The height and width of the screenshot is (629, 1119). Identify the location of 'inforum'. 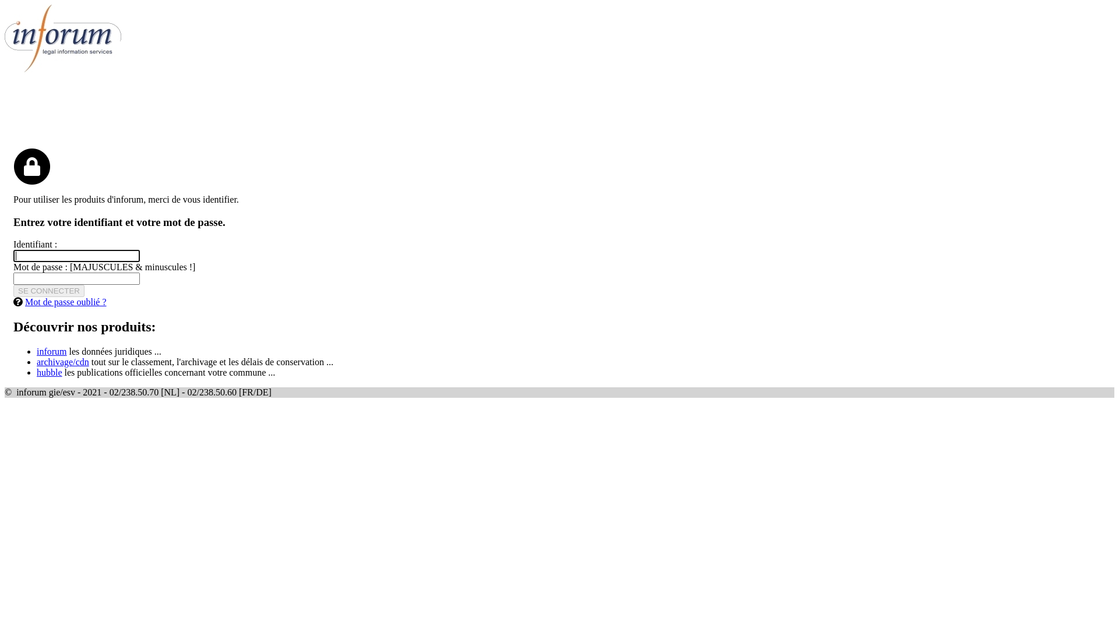
(36, 351).